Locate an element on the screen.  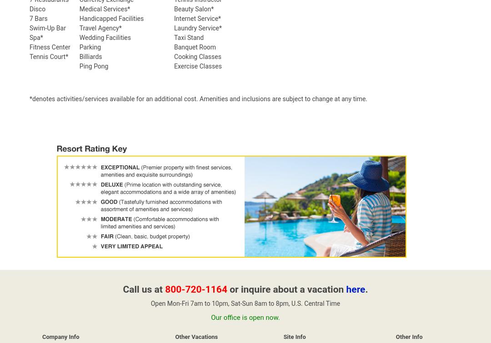
'Company Info' is located at coordinates (60, 337).